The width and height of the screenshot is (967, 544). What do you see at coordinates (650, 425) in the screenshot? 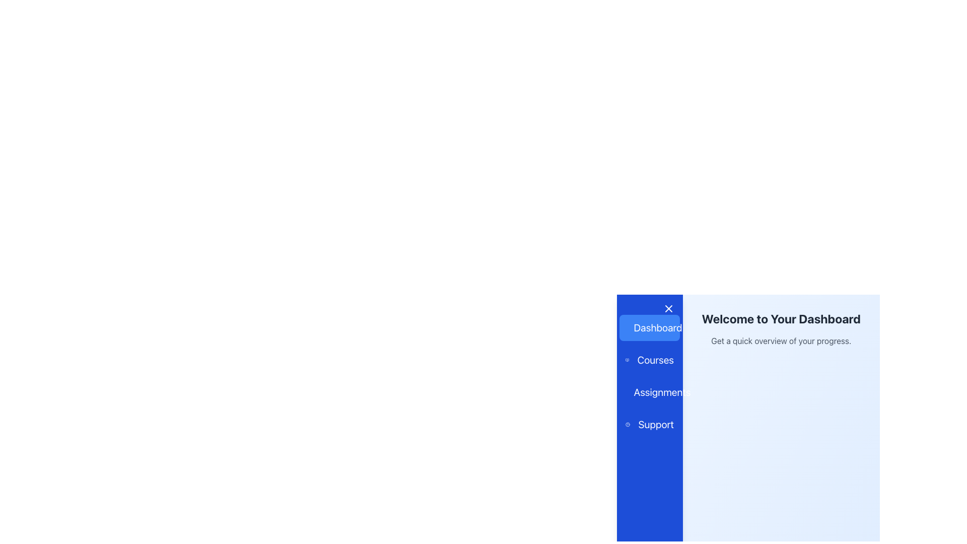
I see `the 'Support' button, which has a blue background and white text, located in the vertical menu as the last item below 'Assignments'` at bounding box center [650, 425].